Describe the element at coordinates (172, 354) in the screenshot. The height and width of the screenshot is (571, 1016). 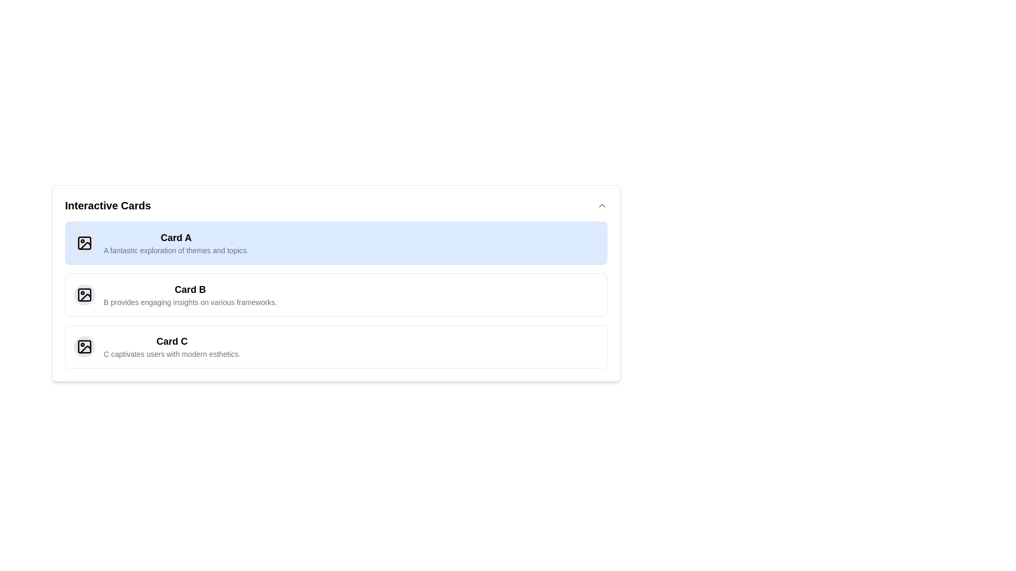
I see `the static text that reads 'C captivates users with modern esthetics.' located beneath the heading 'Card C' in the third card of the card group` at that location.